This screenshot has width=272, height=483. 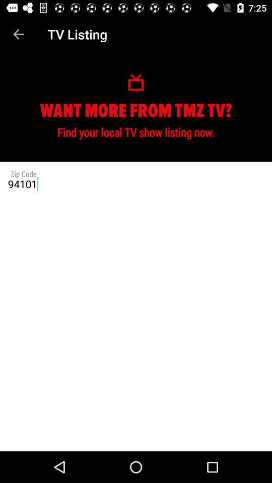 I want to click on item next to the tv listing icon, so click(x=18, y=34).